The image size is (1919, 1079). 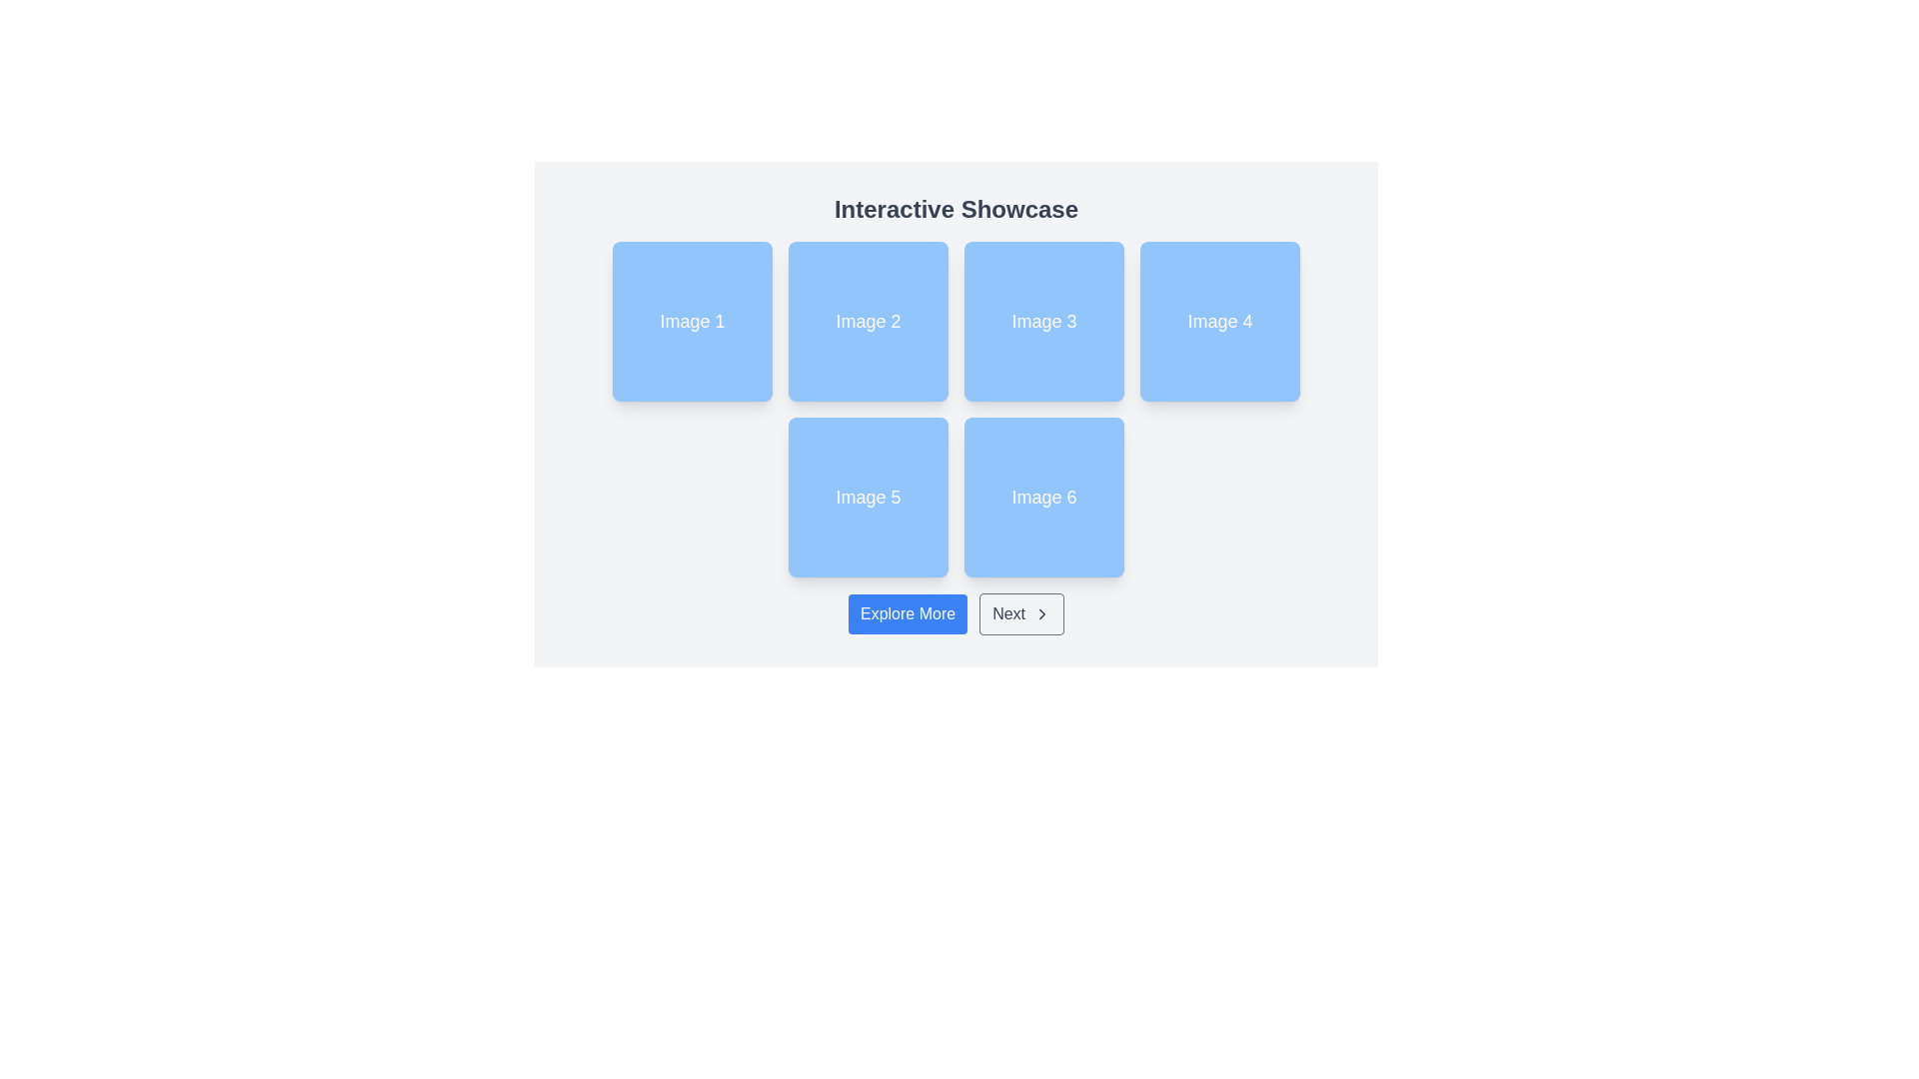 What do you see at coordinates (1021, 612) in the screenshot?
I see `the button located directly to the right of the 'Explore More' button` at bounding box center [1021, 612].